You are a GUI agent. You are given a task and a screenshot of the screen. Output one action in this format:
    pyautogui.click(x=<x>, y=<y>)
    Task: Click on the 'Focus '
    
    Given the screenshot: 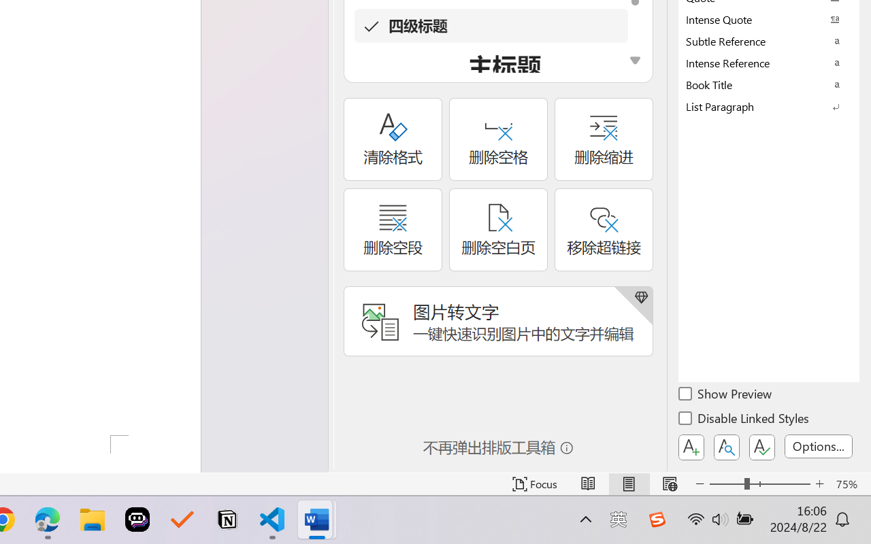 What is the action you would take?
    pyautogui.click(x=534, y=483)
    